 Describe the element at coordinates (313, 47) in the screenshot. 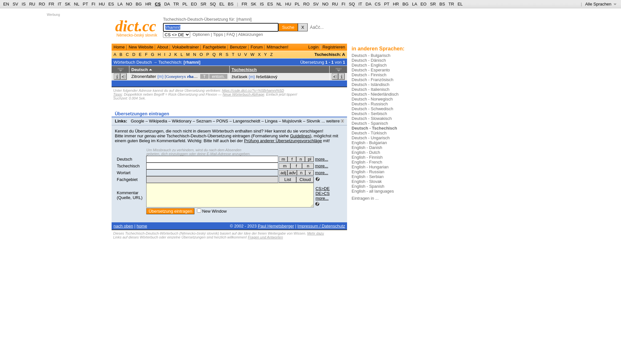

I see `'Login'` at that location.